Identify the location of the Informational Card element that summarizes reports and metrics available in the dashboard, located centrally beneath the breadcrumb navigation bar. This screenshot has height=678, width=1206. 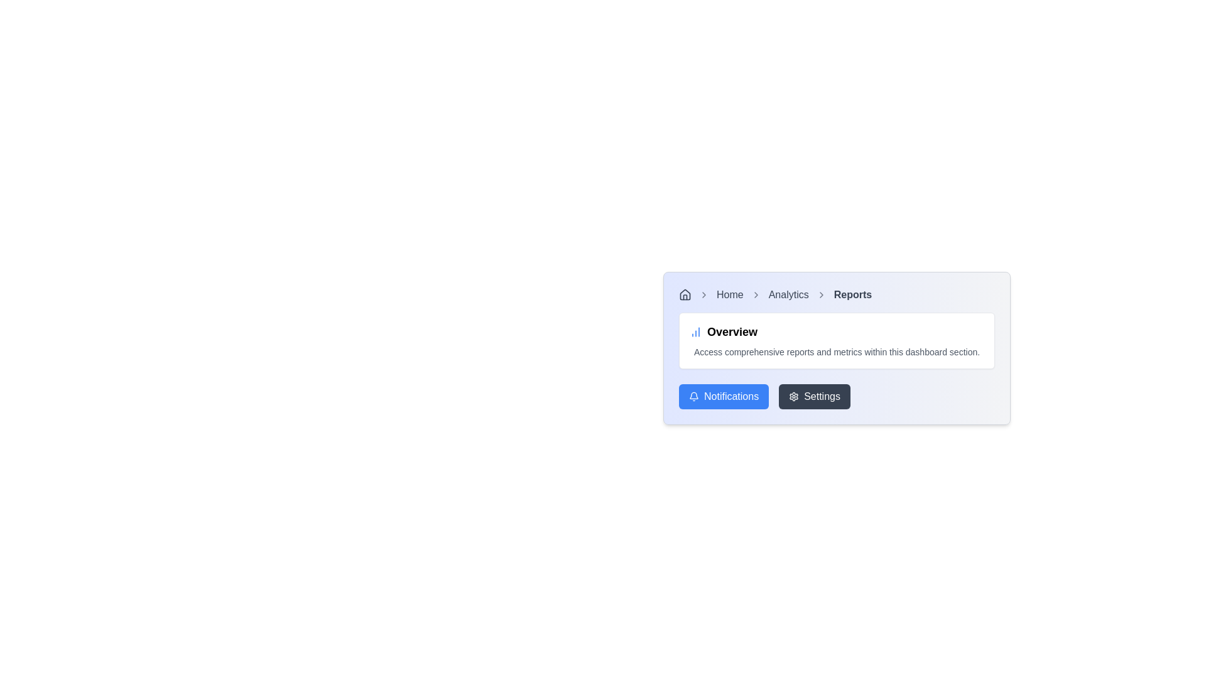
(837, 341).